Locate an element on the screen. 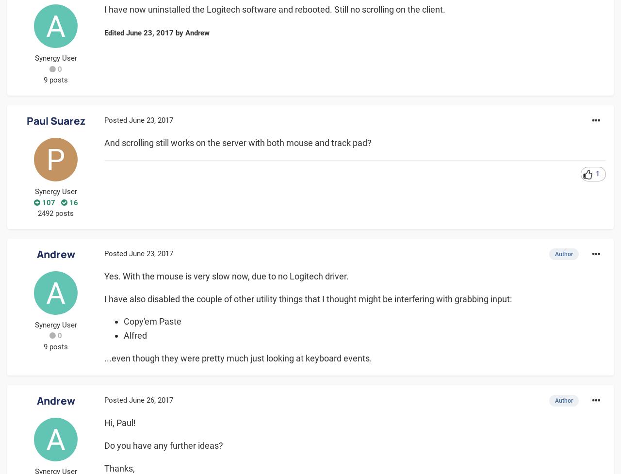 The height and width of the screenshot is (474, 621). 'Do you have any further ideas?' is located at coordinates (104, 444).